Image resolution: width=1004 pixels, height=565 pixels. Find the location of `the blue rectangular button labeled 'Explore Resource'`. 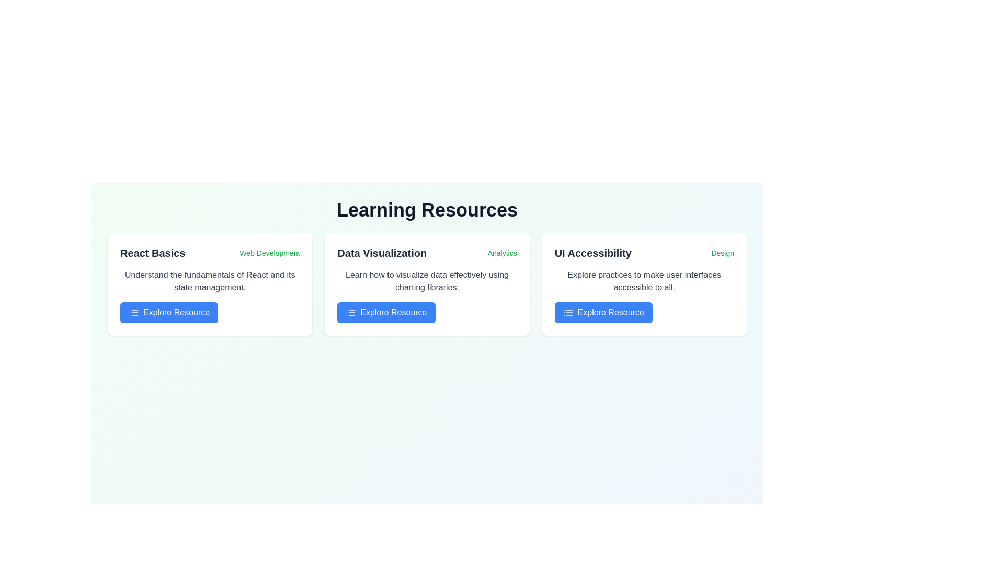

the blue rectangular button labeled 'Explore Resource' is located at coordinates (169, 312).